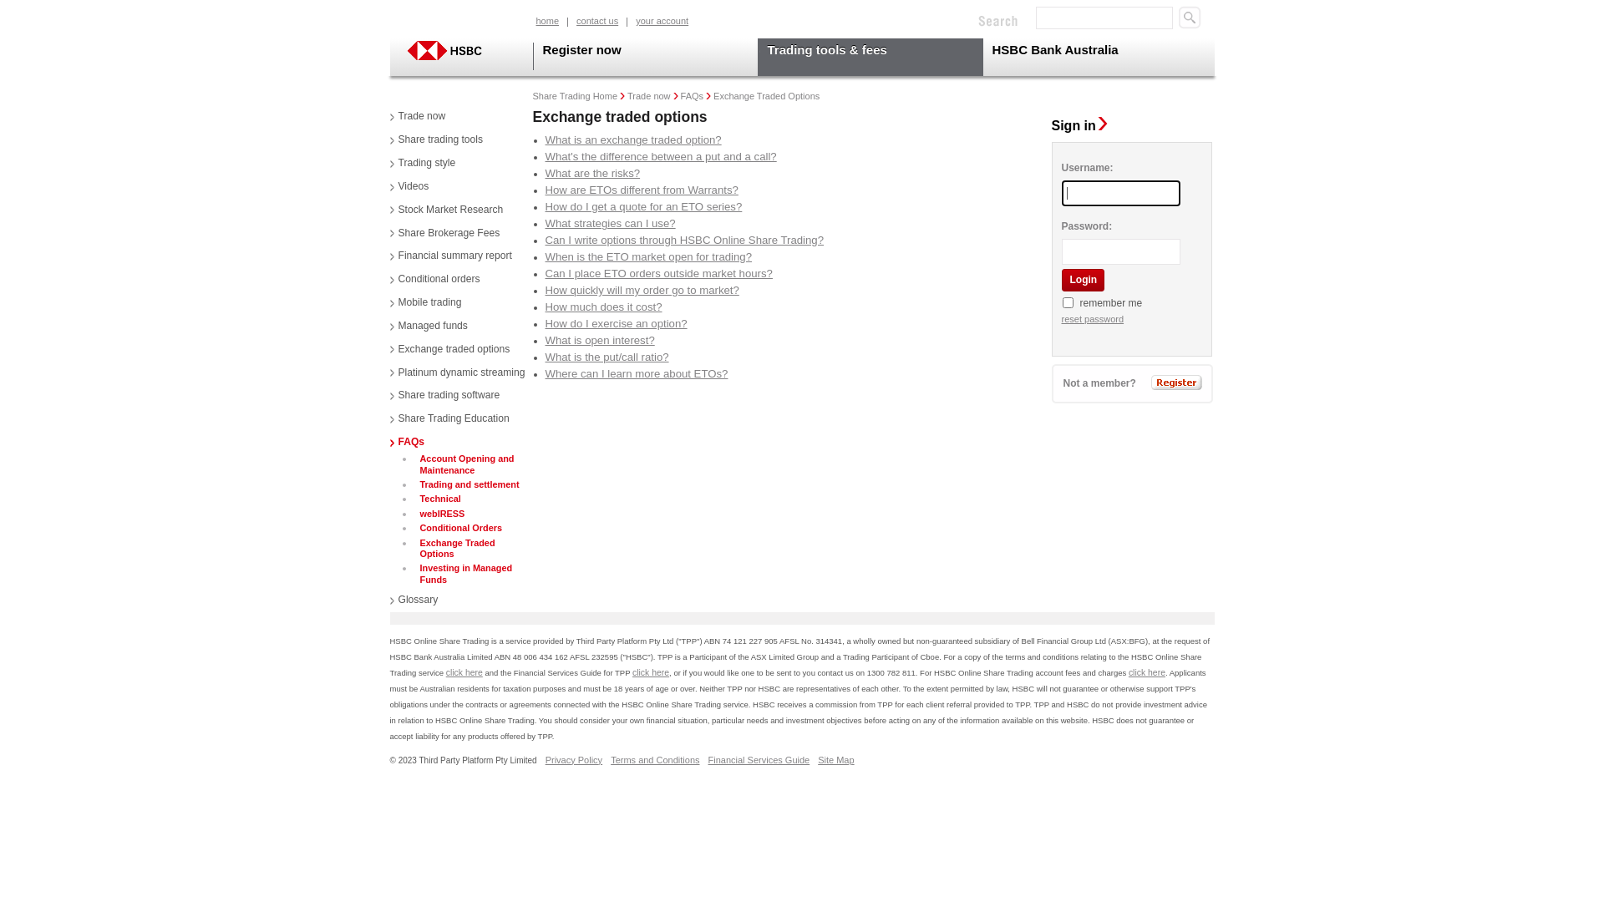 This screenshot has width=1604, height=902. I want to click on 'How do I exercise an option?', so click(615, 323).